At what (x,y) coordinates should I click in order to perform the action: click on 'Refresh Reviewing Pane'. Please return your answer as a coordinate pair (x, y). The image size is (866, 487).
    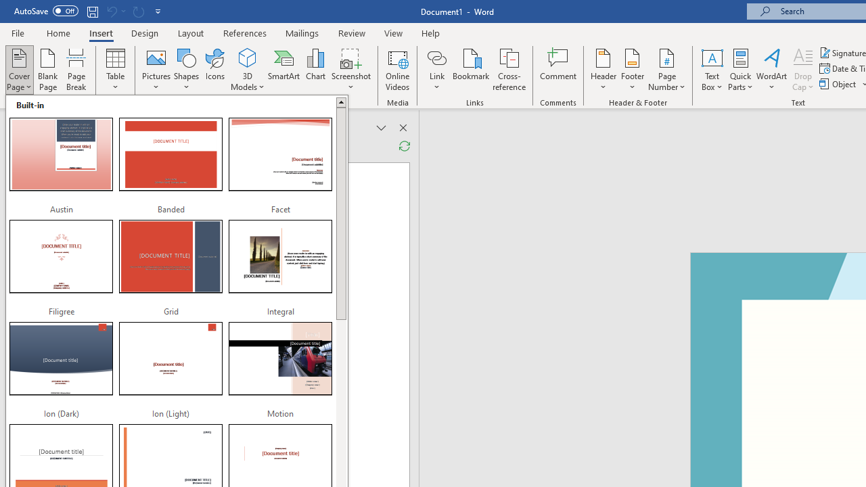
    Looking at the image, I should click on (403, 146).